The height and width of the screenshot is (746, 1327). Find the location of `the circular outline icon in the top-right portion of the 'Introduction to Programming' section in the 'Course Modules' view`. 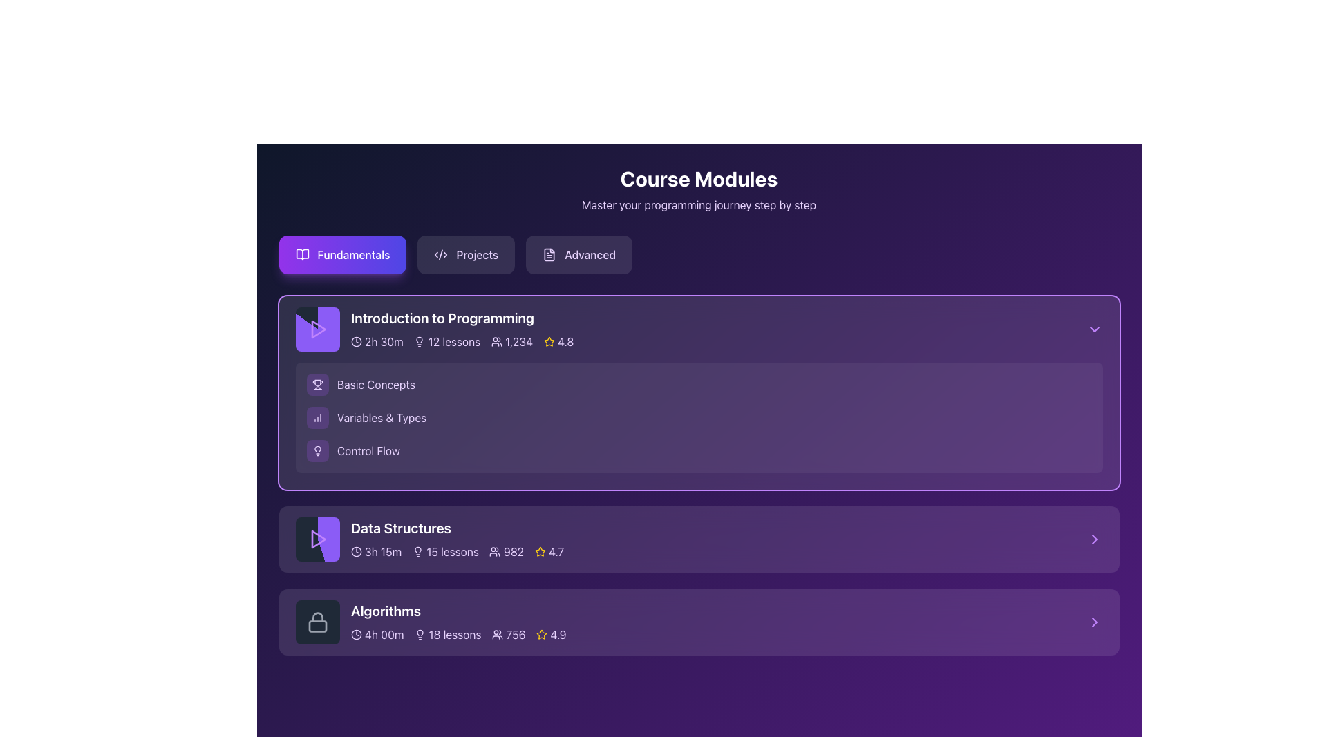

the circular outline icon in the top-right portion of the 'Introduction to Programming' section in the 'Course Modules' view is located at coordinates (356, 341).